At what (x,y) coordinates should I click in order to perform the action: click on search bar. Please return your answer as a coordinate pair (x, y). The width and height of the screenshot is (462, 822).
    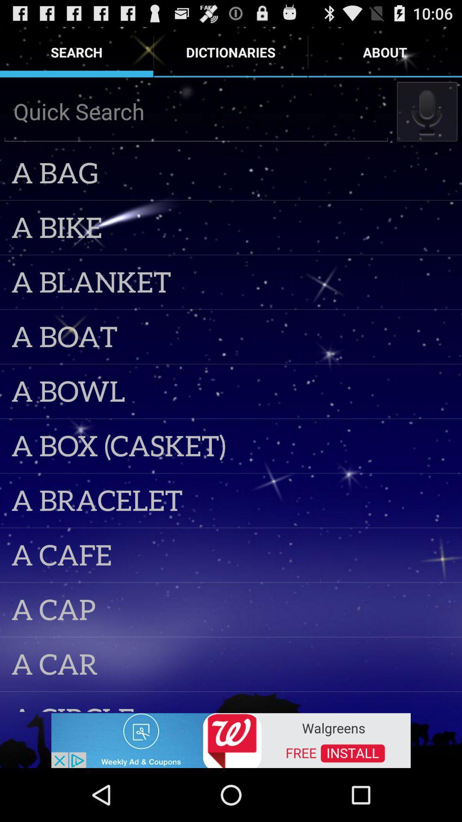
    Looking at the image, I should click on (196, 111).